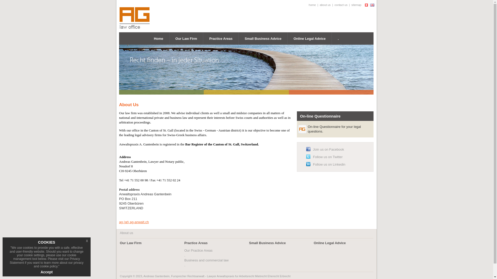 The width and height of the screenshot is (497, 279). What do you see at coordinates (320, 116) in the screenshot?
I see `'On-line Questionnaire'` at bounding box center [320, 116].